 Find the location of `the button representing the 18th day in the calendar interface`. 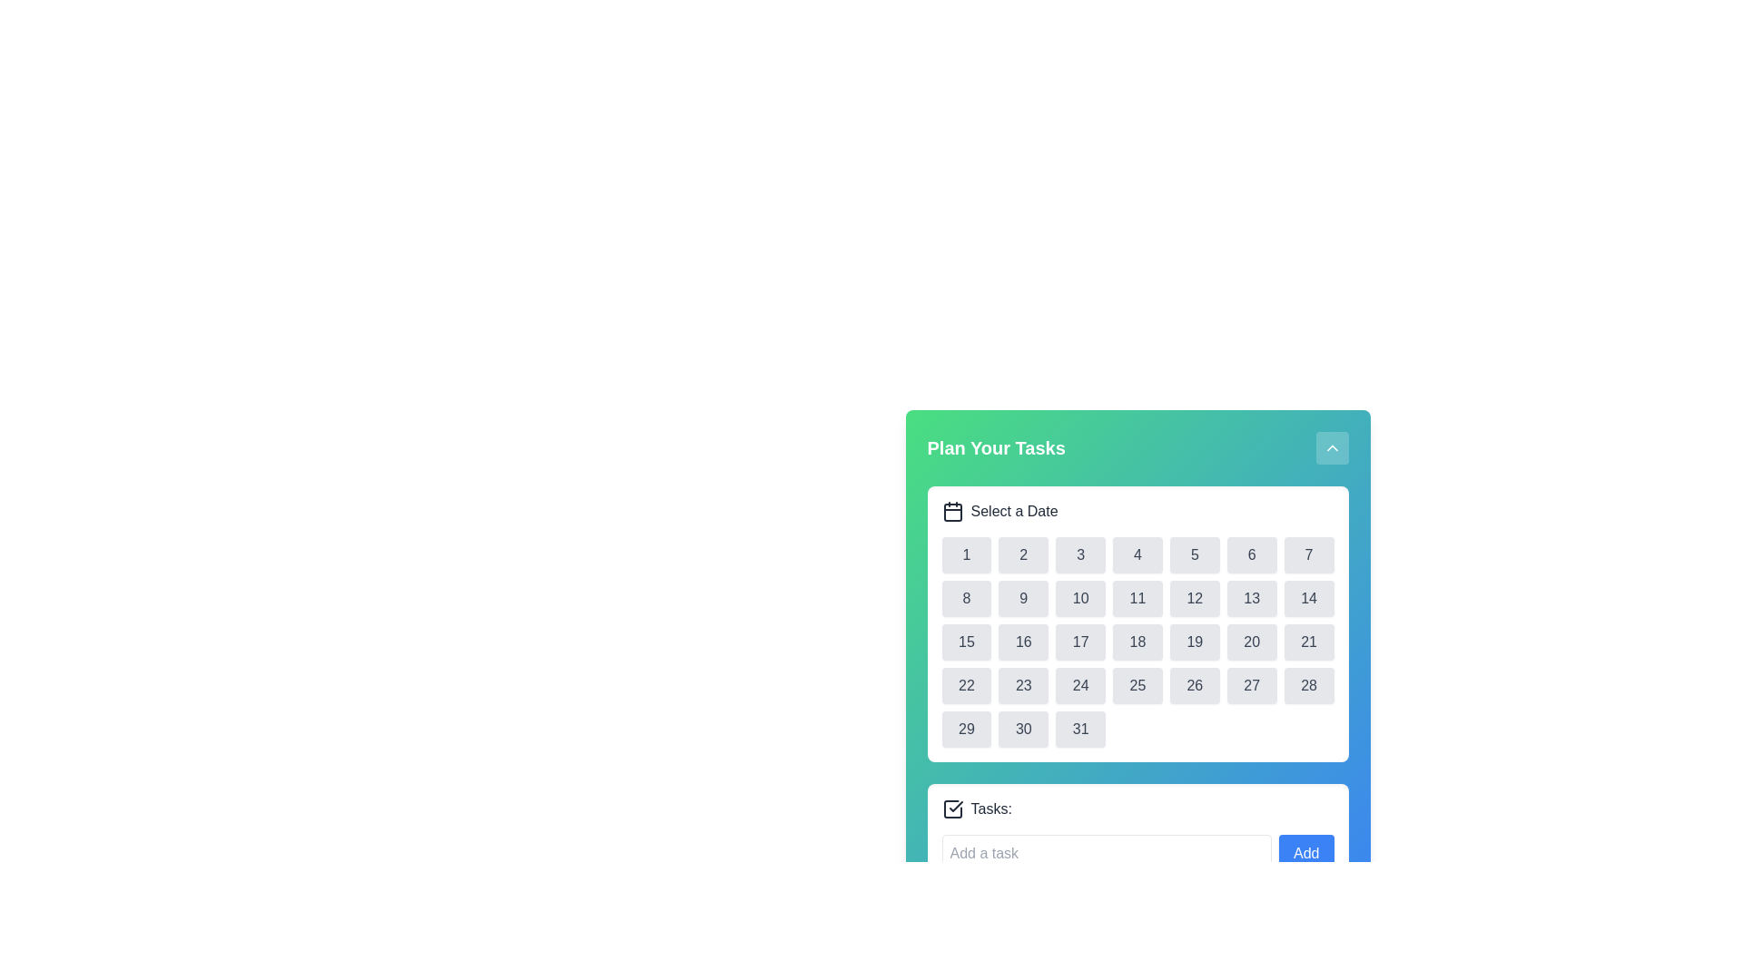

the button representing the 18th day in the calendar interface is located at coordinates (1137, 642).